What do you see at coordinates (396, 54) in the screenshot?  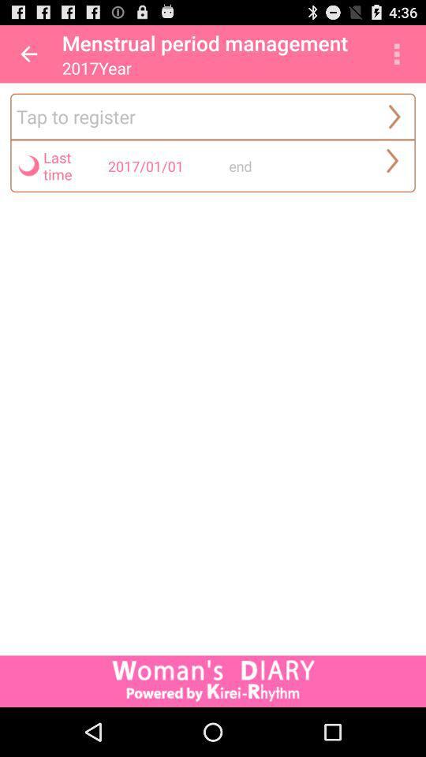 I see `item to the right of the menstrual period management` at bounding box center [396, 54].